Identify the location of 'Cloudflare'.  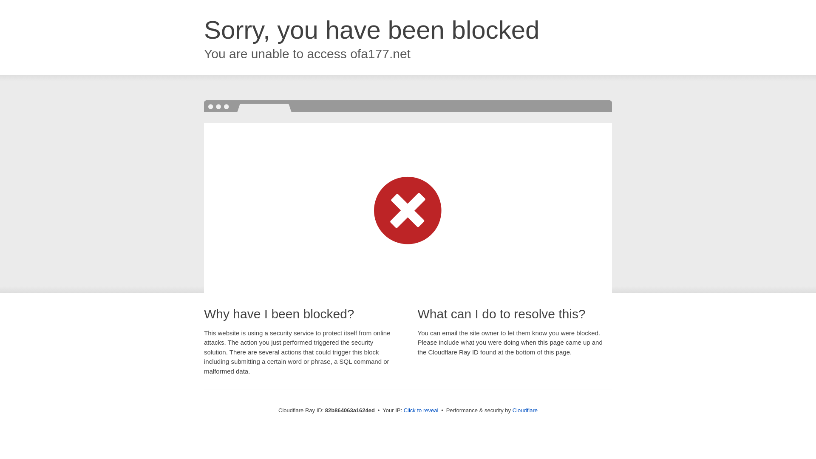
(524, 410).